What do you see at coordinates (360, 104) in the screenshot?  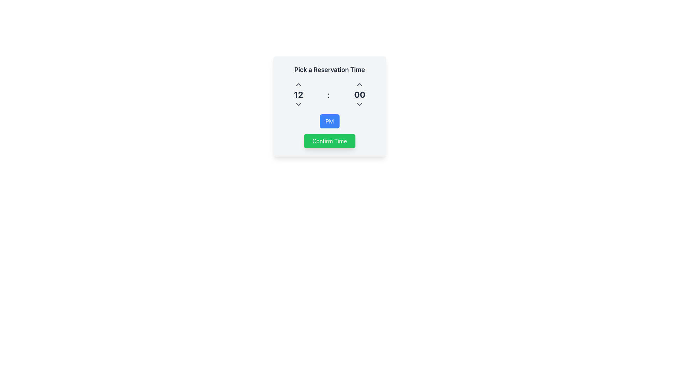 I see `the dropdown toggle button for selecting minutes in the reservation time picker, located below the '00' numeric display` at bounding box center [360, 104].